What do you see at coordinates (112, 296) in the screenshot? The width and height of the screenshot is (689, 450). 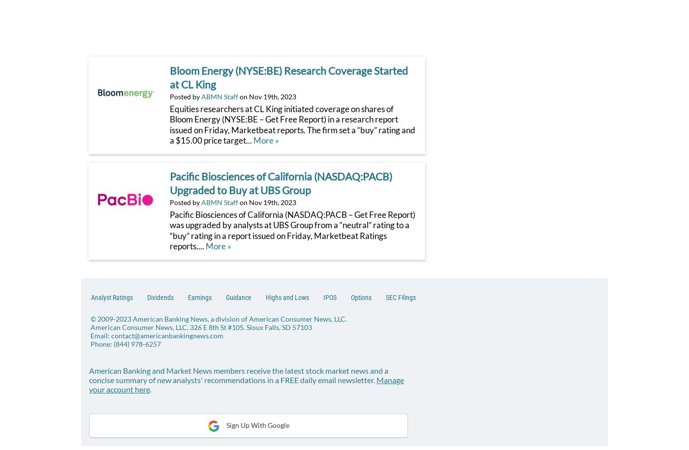 I see `'Analyst Ratings'` at bounding box center [112, 296].